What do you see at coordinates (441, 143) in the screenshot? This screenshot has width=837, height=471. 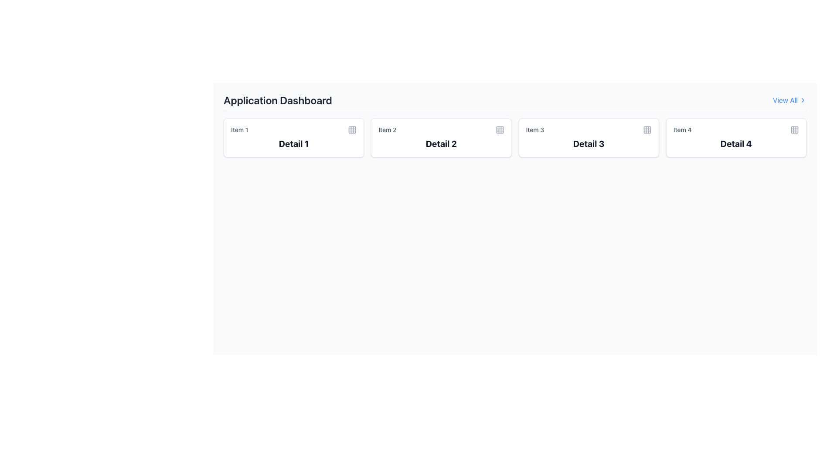 I see `text from the label located within the second card of a horizontally arranged grid, positioned below the heading 'Item 2'` at bounding box center [441, 143].